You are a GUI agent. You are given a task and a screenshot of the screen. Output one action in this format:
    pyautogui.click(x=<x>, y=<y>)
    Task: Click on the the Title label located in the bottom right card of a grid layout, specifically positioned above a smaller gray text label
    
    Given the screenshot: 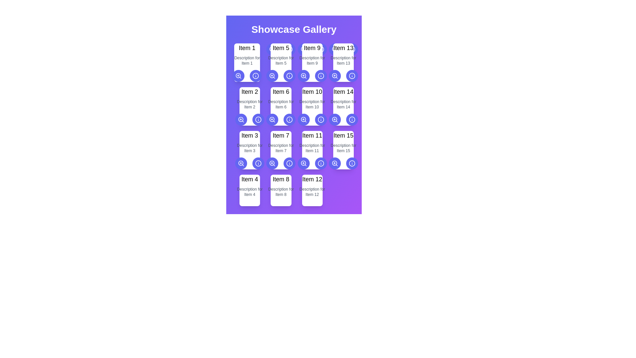 What is the action you would take?
    pyautogui.click(x=312, y=179)
    